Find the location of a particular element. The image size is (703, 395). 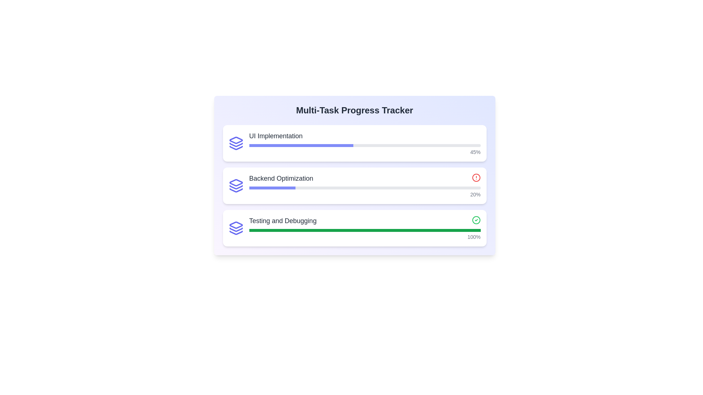

the second layer of the three-layered icon, which is dark blue and located to the left of the 'Testing and Debugging' section is located at coordinates (236, 229).